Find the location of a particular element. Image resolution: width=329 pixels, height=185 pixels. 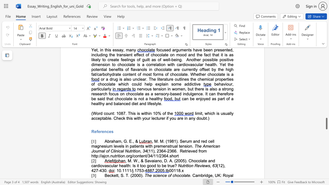

the scrollbar to scroll the page up is located at coordinates (326, 64).